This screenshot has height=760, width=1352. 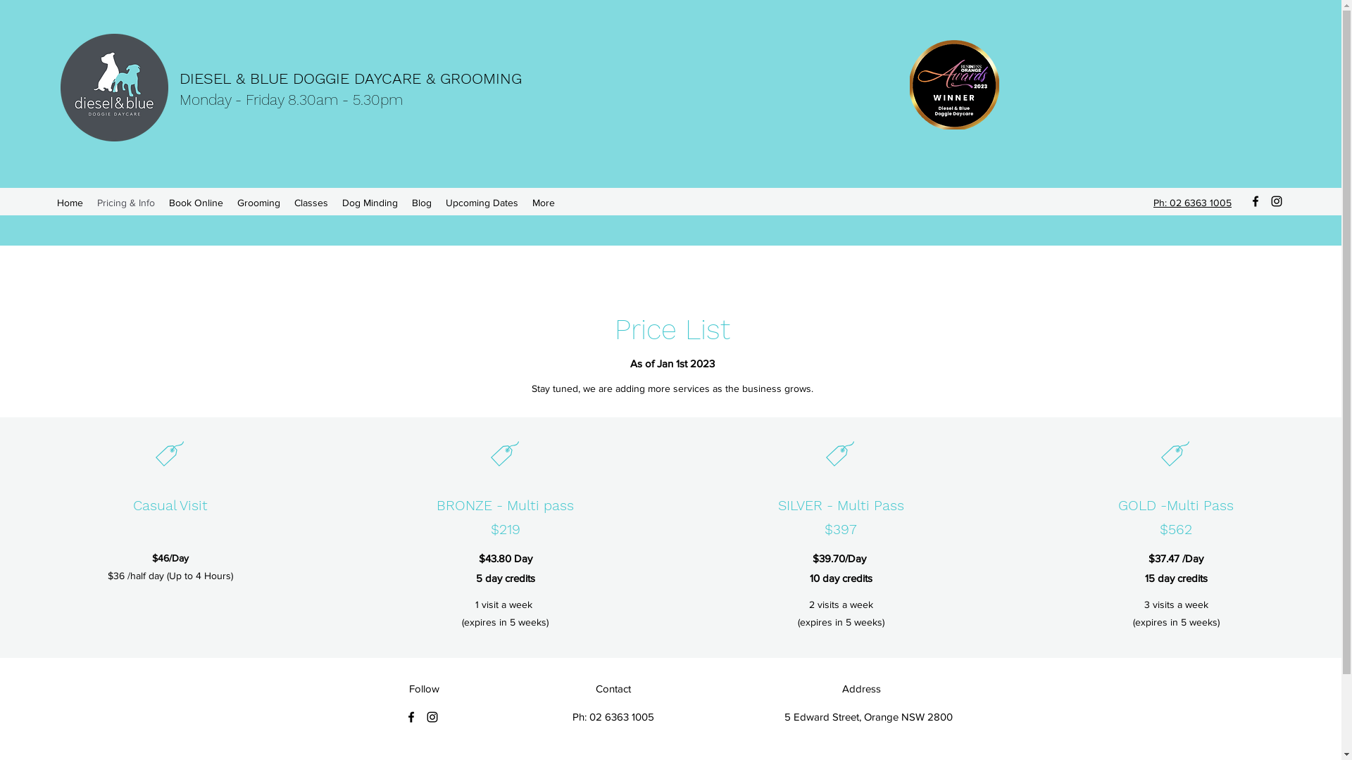 I want to click on 'Classes', so click(x=310, y=203).